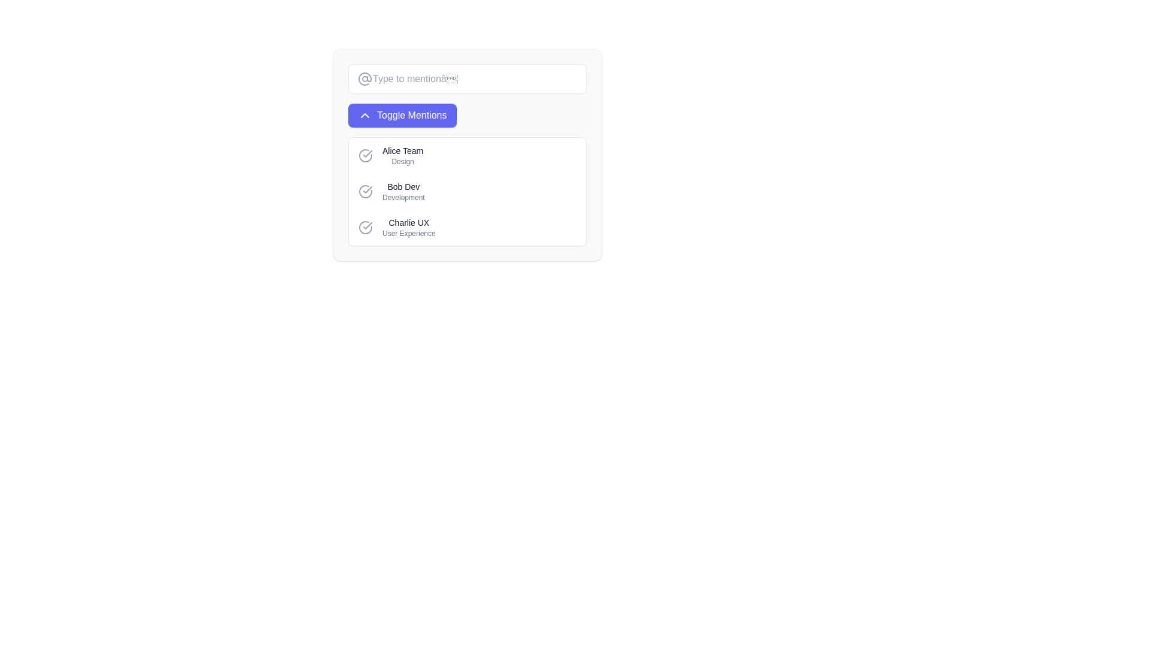 The width and height of the screenshot is (1151, 647). What do you see at coordinates (364, 155) in the screenshot?
I see `the circular checkmark icon, which is the leftmost item in the first row of a list` at bounding box center [364, 155].